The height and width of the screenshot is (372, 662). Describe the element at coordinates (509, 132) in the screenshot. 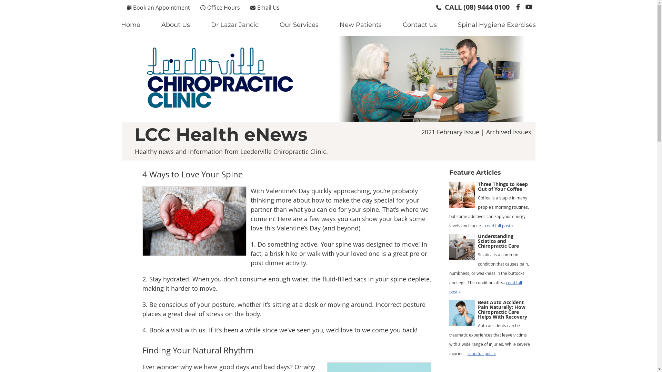

I see `'Archived Issues'` at that location.